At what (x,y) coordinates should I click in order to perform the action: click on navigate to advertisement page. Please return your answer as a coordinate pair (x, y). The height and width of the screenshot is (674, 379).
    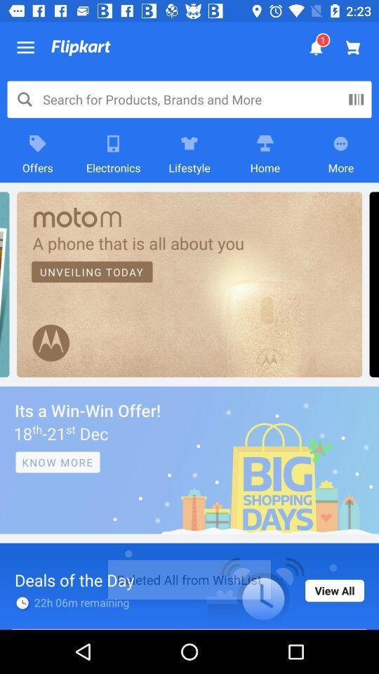
    Looking at the image, I should click on (189, 459).